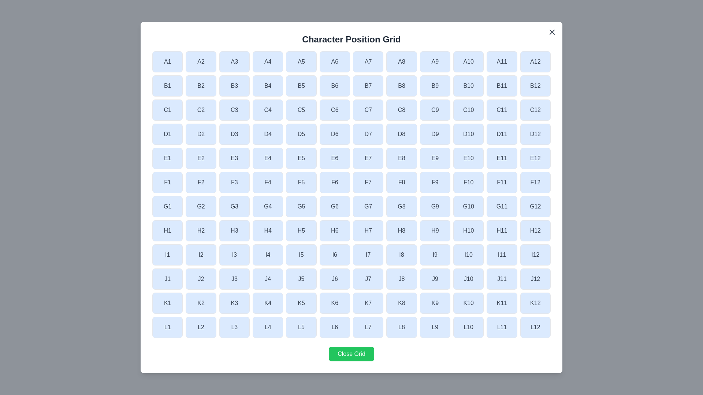 This screenshot has width=703, height=395. I want to click on 'Close Grid' button to close the dialog, so click(351, 354).